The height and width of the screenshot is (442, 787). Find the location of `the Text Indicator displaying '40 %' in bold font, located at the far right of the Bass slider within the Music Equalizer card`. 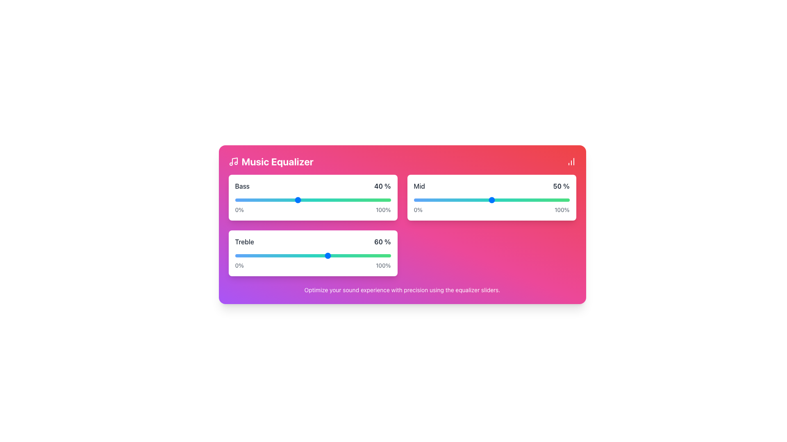

the Text Indicator displaying '40 %' in bold font, located at the far right of the Bass slider within the Music Equalizer card is located at coordinates (382, 186).